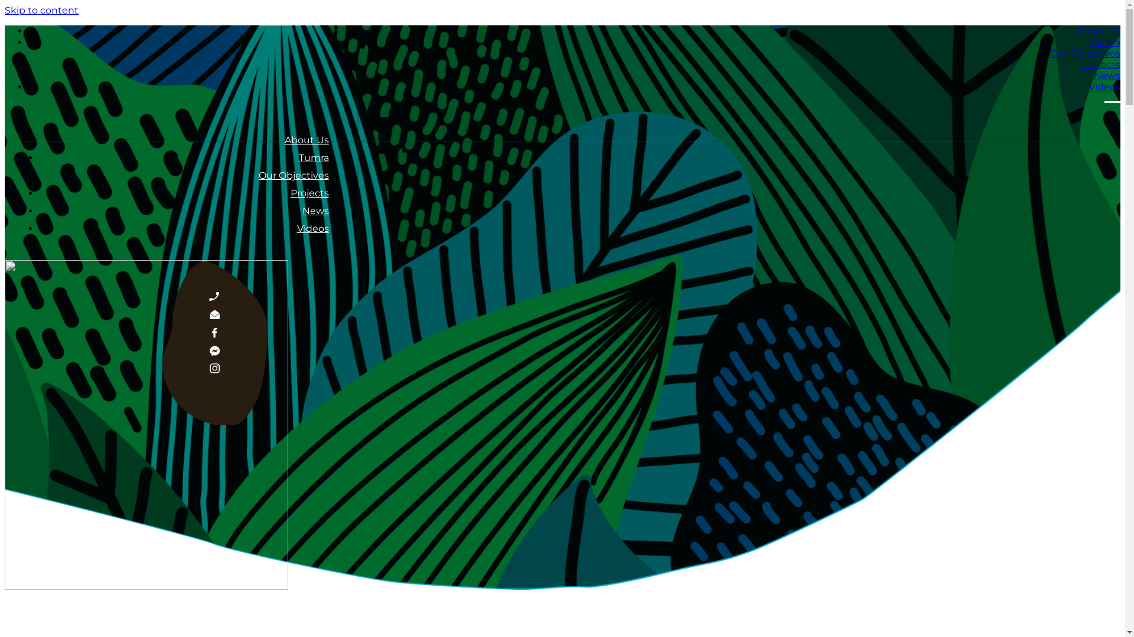 Image resolution: width=1134 pixels, height=637 pixels. Describe the element at coordinates (284, 136) in the screenshot. I see `'About Us'` at that location.